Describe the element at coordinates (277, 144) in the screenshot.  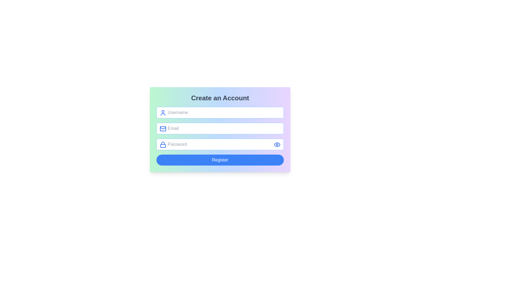
I see `the eye-shaped button icon rendered in blue, positioned to the right of the password input field for accessibility feedback` at that location.